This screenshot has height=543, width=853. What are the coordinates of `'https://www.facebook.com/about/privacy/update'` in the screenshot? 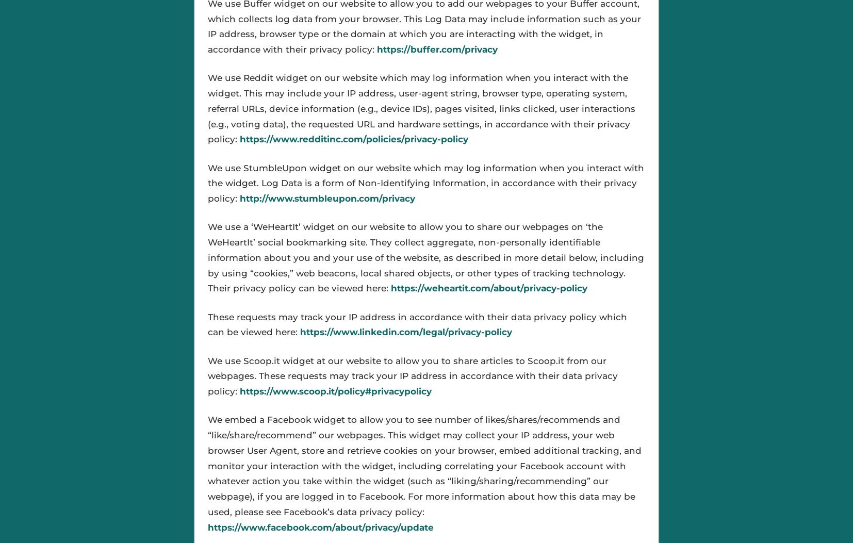 It's located at (320, 526).